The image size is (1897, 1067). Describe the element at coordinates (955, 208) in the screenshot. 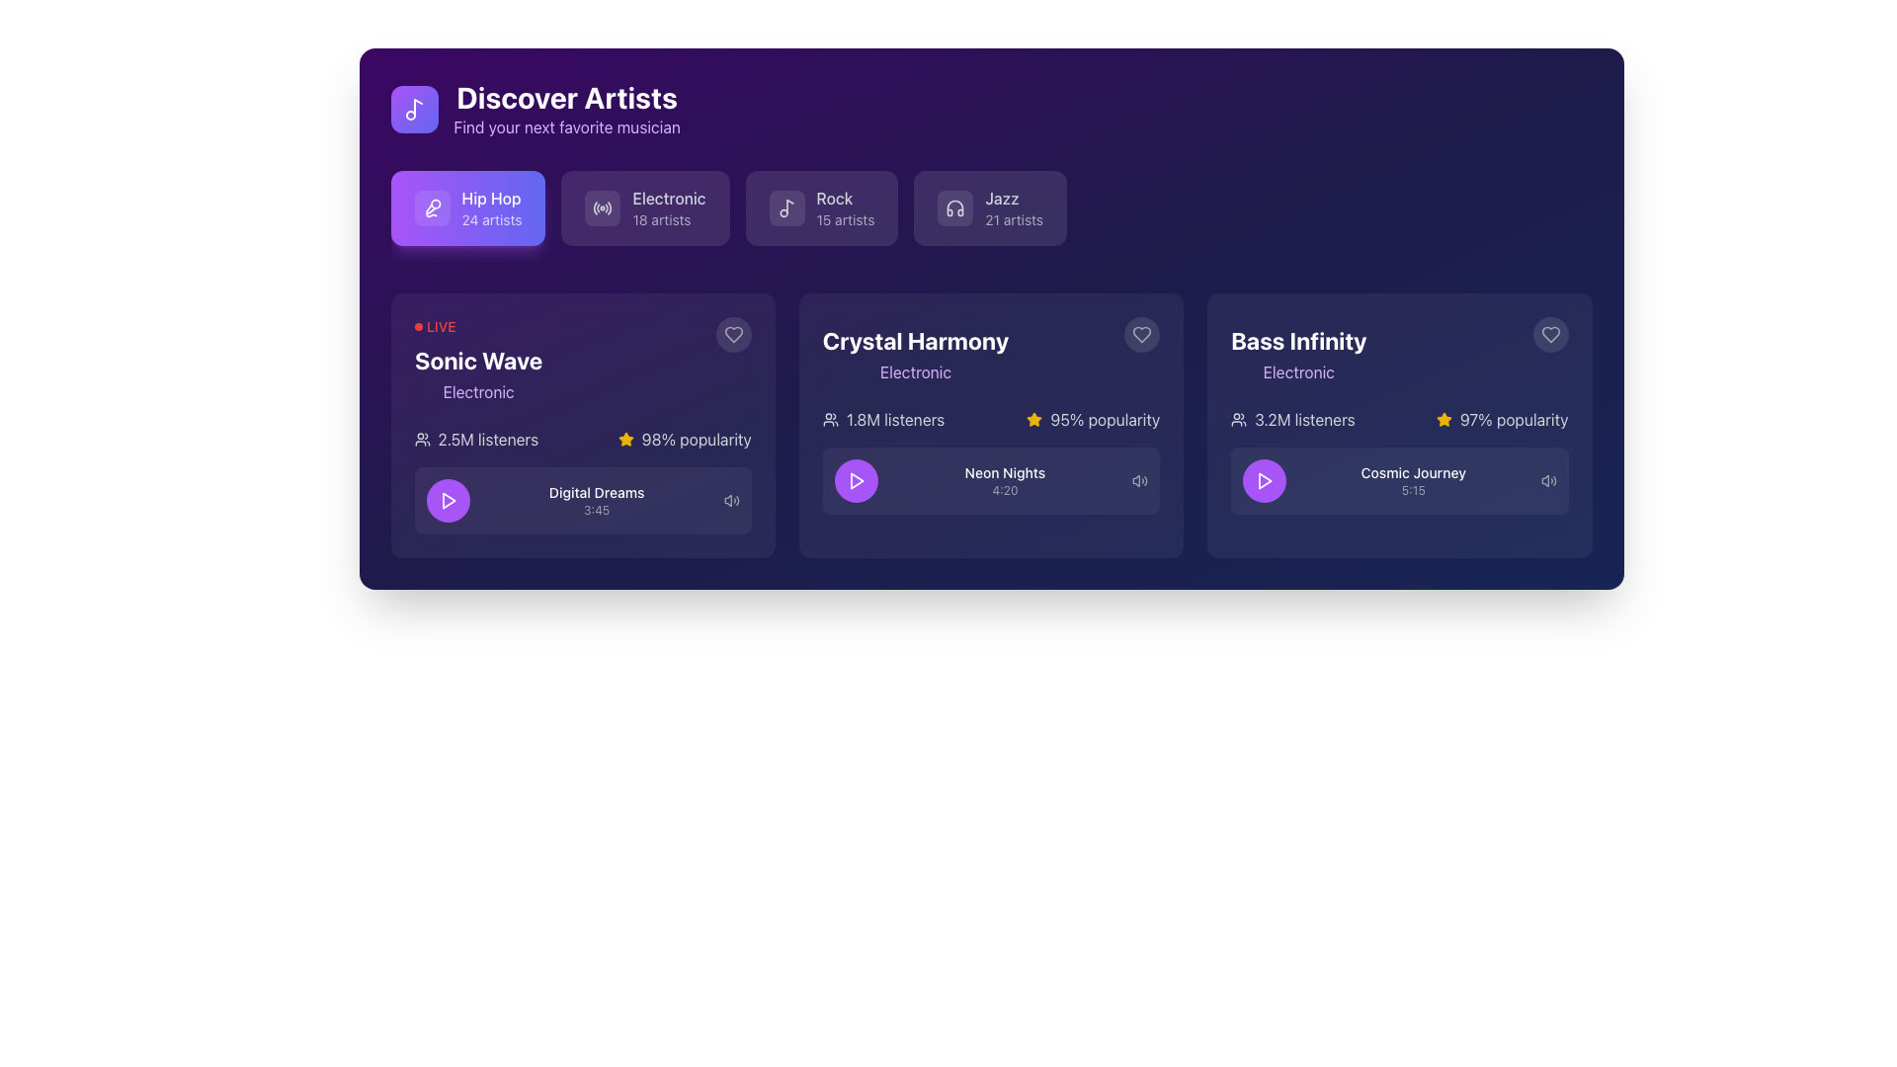

I see `the 'Jazz' music genre icon, which is the fourth button in the Discover Artists section, visually represented by an SVG vector graphic` at that location.